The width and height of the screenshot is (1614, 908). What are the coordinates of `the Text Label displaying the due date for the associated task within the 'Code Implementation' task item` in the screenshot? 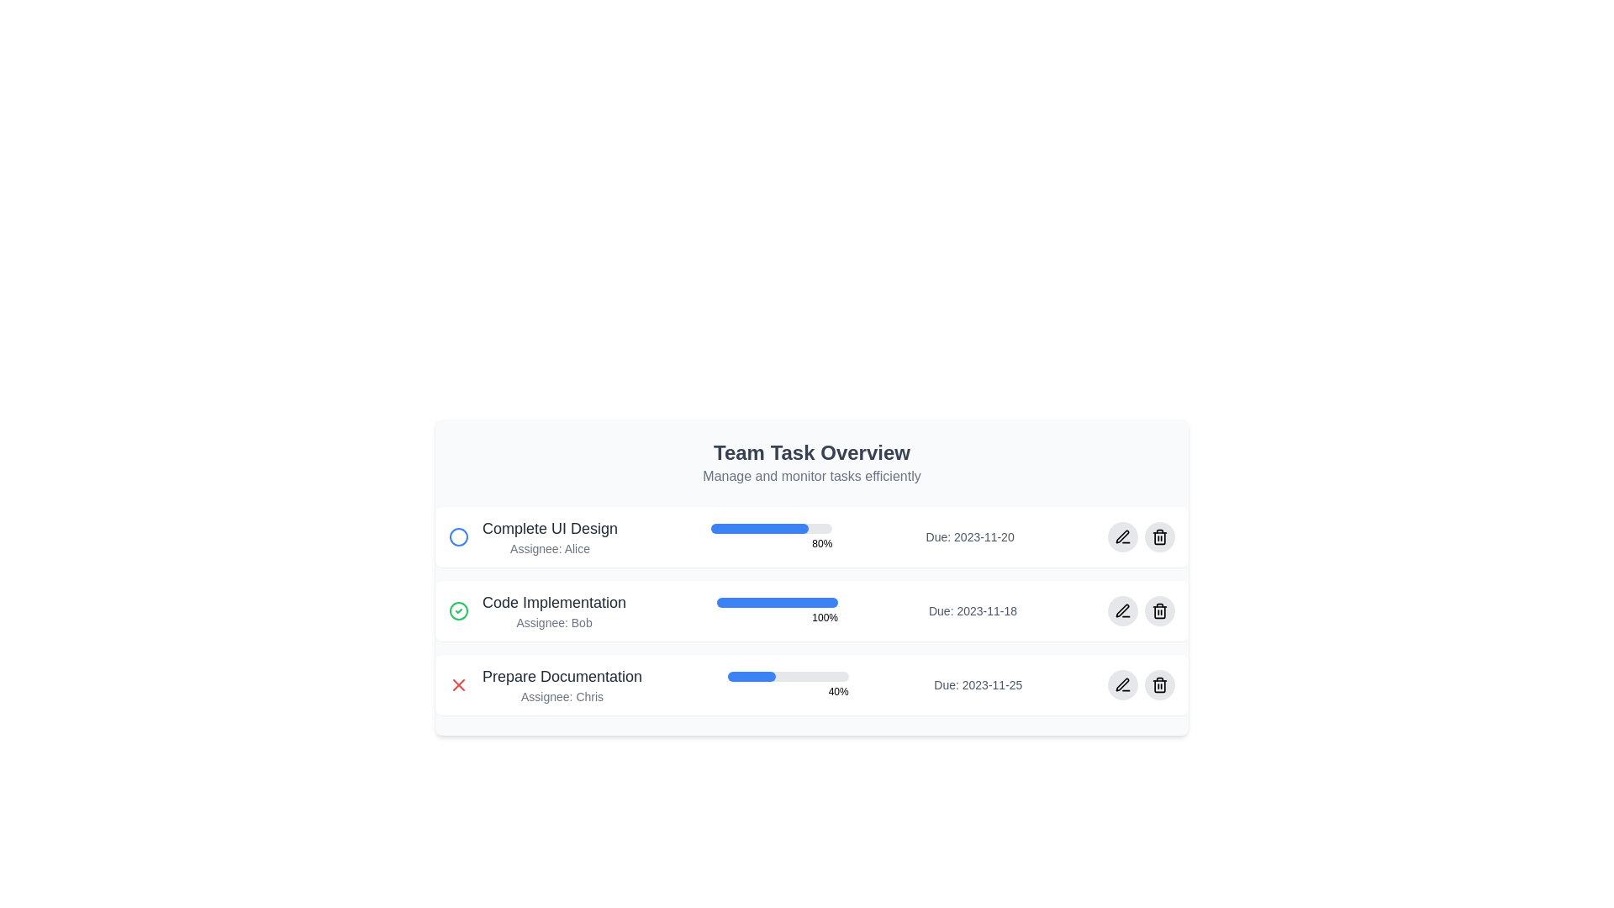 It's located at (973, 610).